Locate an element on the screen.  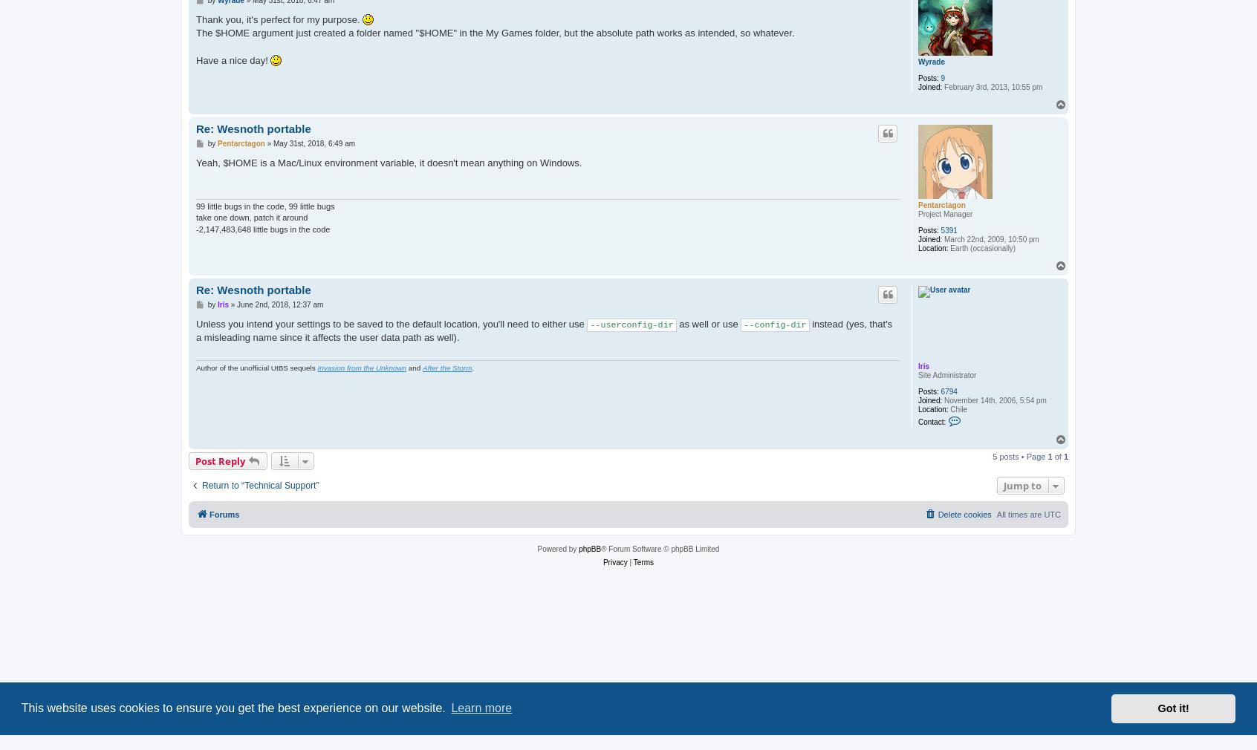
'Forums' is located at coordinates (224, 513).